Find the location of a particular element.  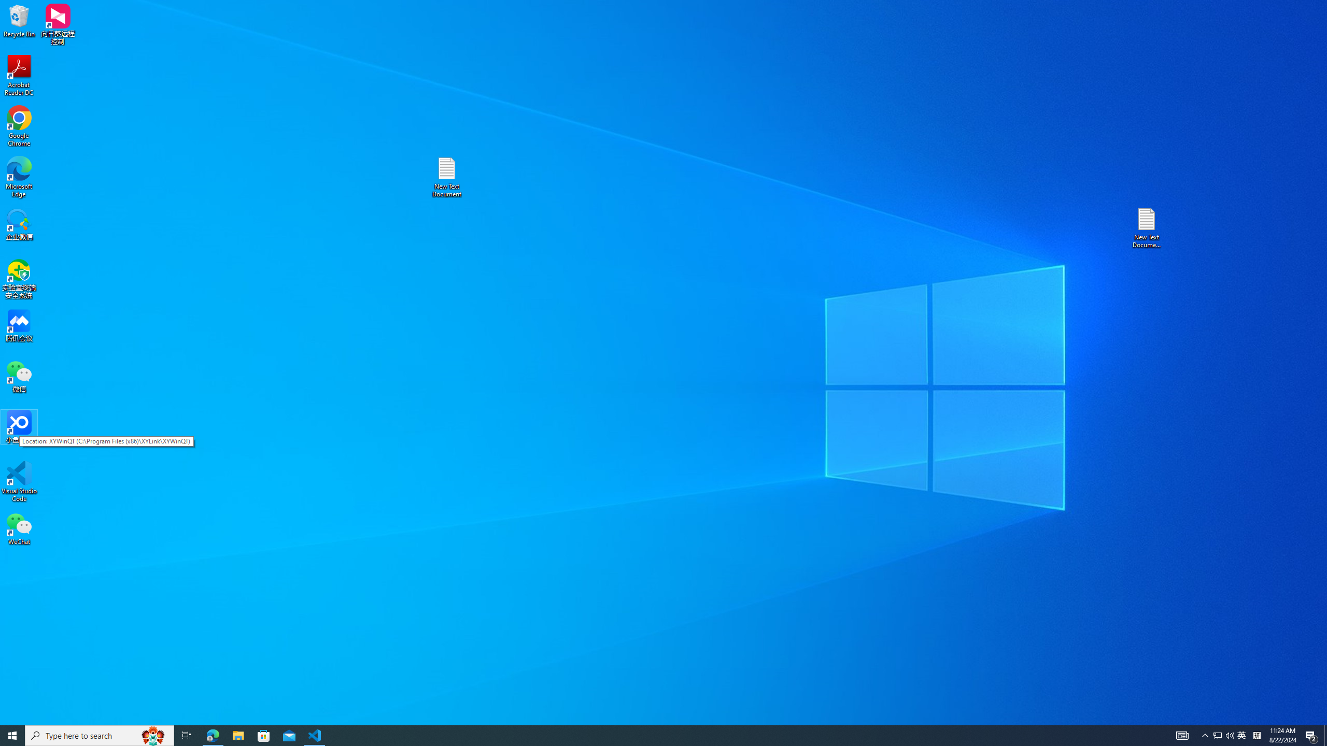

'Start' is located at coordinates (12, 735).